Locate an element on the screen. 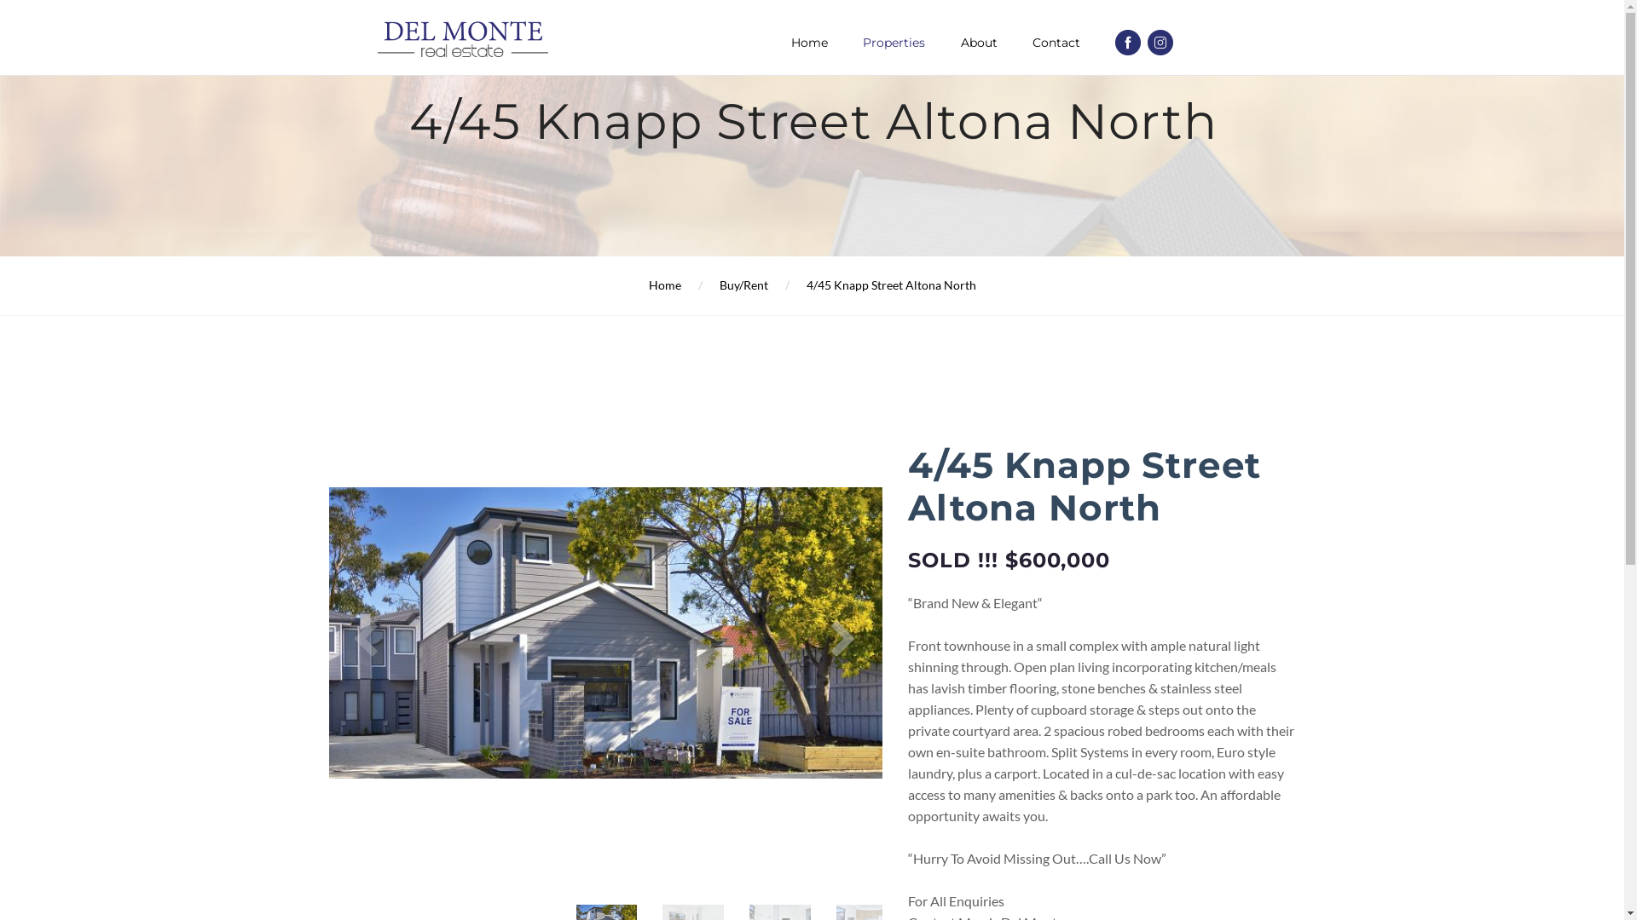 This screenshot has height=920, width=1637. 'Contact' is located at coordinates (1031, 42).